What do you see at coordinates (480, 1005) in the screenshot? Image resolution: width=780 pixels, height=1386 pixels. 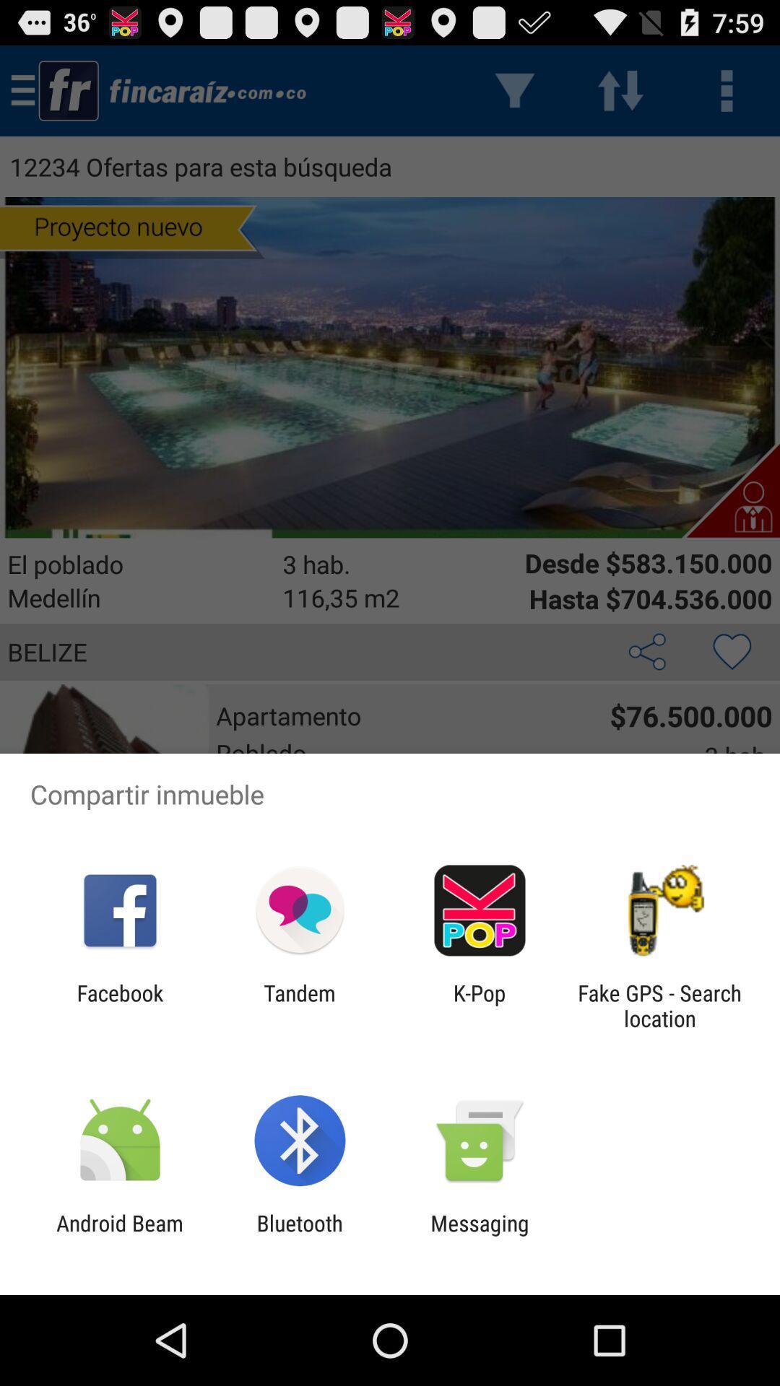 I see `the item next to tandem` at bounding box center [480, 1005].